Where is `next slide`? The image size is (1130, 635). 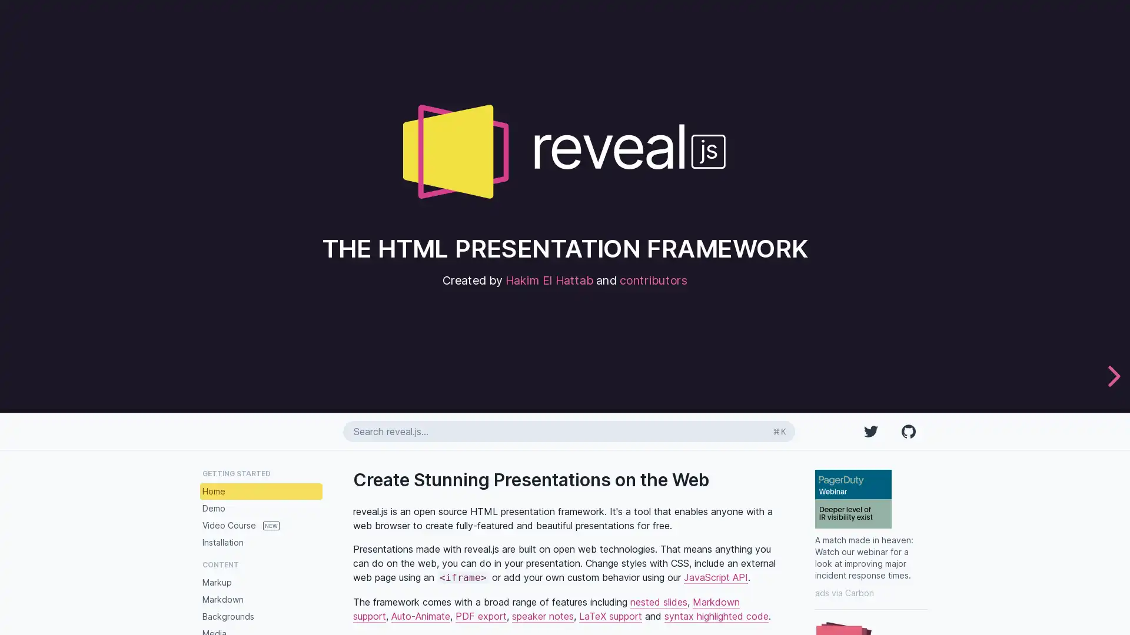
next slide is located at coordinates (1112, 376).